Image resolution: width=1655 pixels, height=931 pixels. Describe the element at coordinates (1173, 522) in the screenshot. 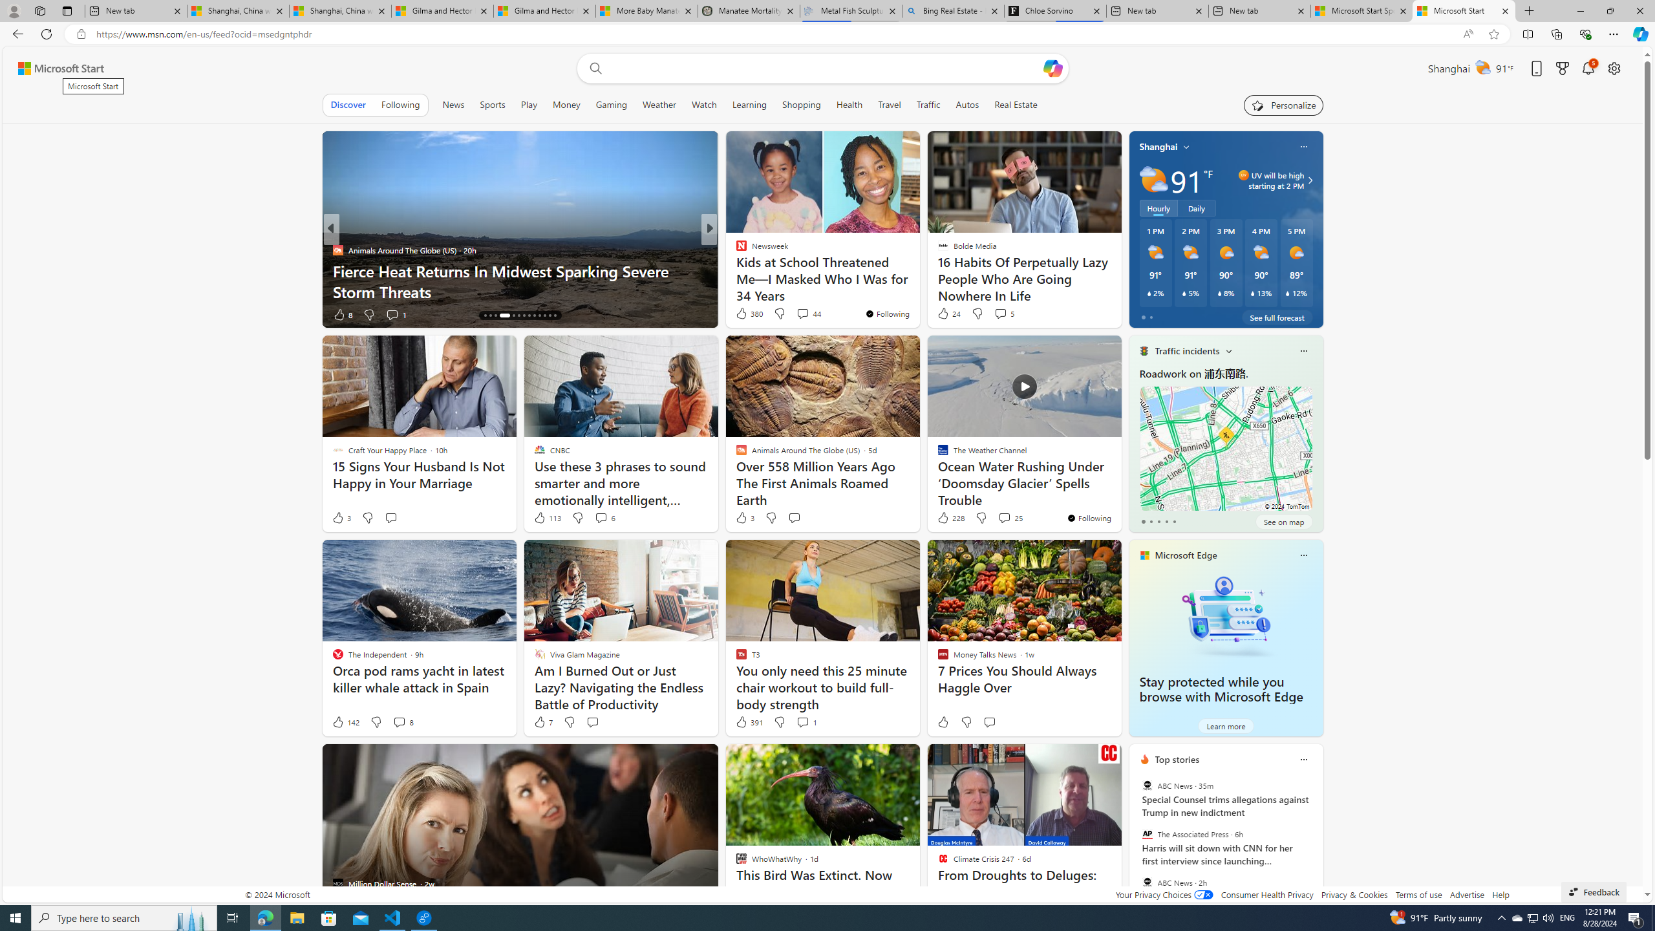

I see `'tab-4'` at that location.